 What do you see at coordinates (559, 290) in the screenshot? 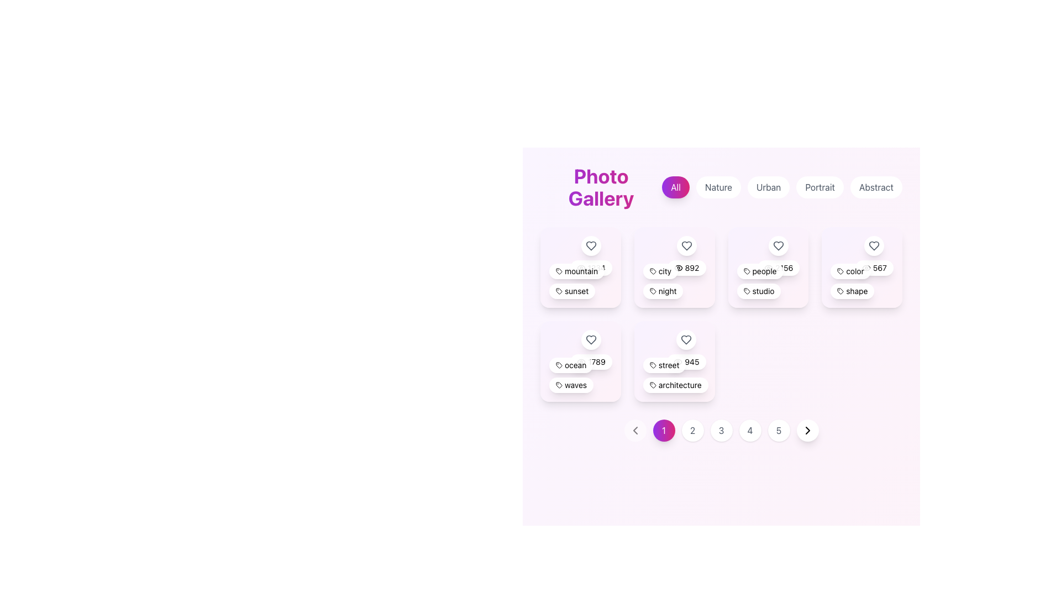
I see `small tag icon located to the left of the text label 'sunset' in the first card of the second row, which is visually aligned with the label` at bounding box center [559, 290].